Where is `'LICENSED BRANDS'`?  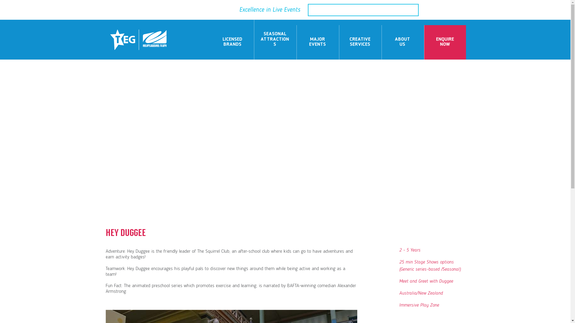
'LICENSED BRANDS' is located at coordinates (232, 42).